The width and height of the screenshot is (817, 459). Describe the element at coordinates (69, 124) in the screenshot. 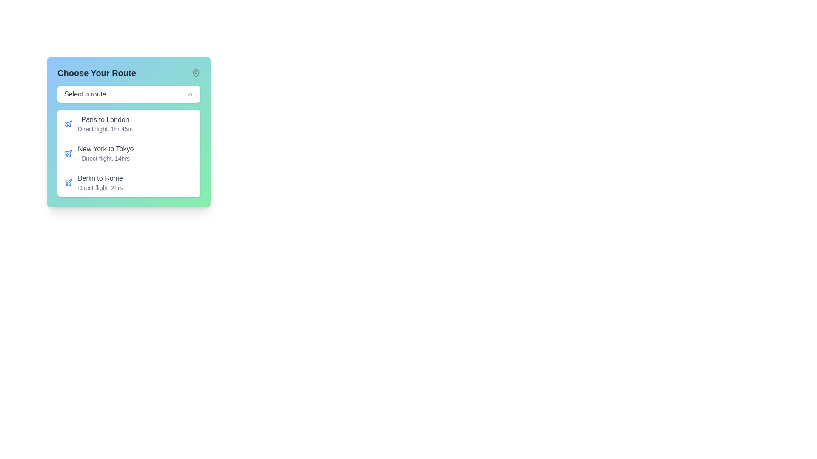

I see `the presence of the flight route icon next to the entry 'Paris to London, Direct flight, 1hr 45m' by clicking on it` at that location.